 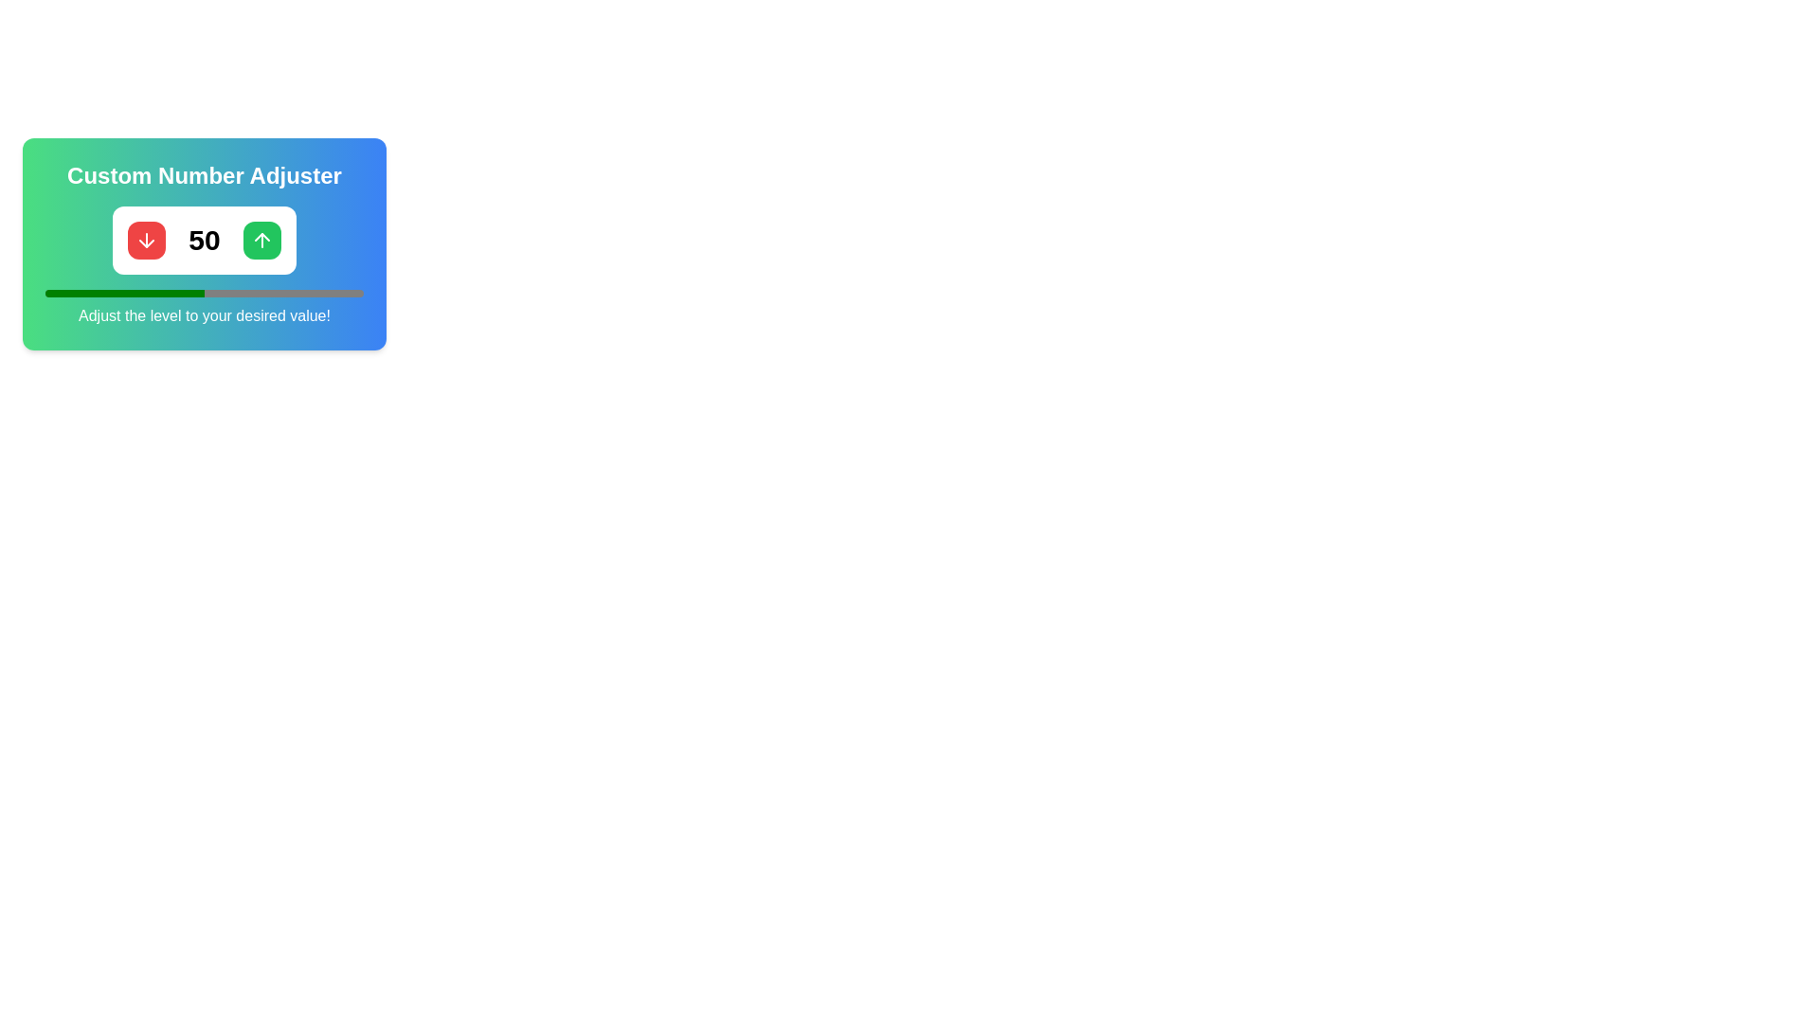 I want to click on the slider value, so click(x=114, y=293).